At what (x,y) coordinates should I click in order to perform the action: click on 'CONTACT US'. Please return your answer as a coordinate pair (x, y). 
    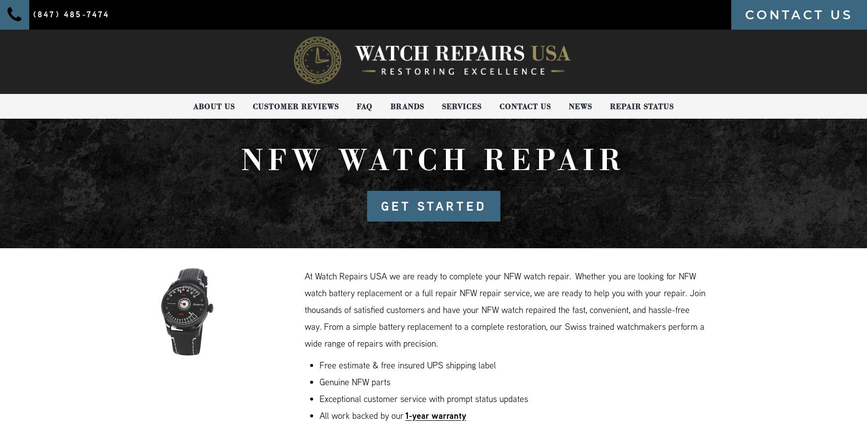
    Looking at the image, I should click on (799, 14).